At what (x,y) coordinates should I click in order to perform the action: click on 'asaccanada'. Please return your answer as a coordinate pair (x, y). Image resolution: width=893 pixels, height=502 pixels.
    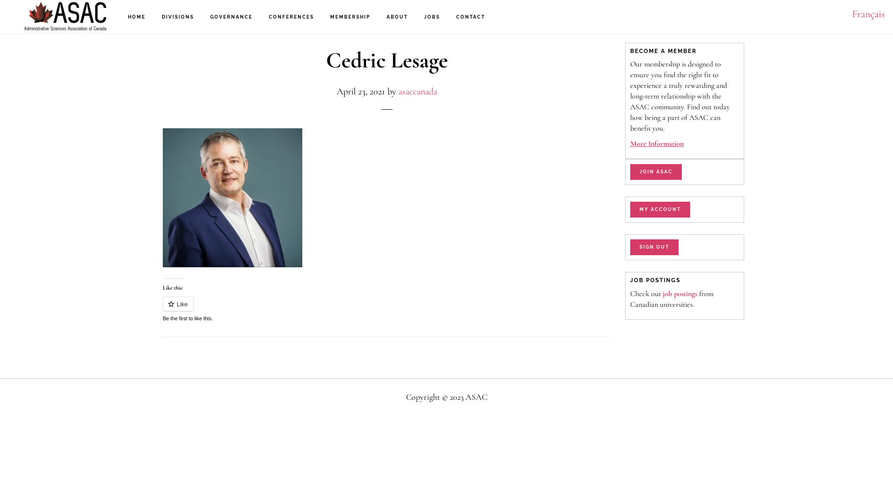
    Looking at the image, I should click on (417, 91).